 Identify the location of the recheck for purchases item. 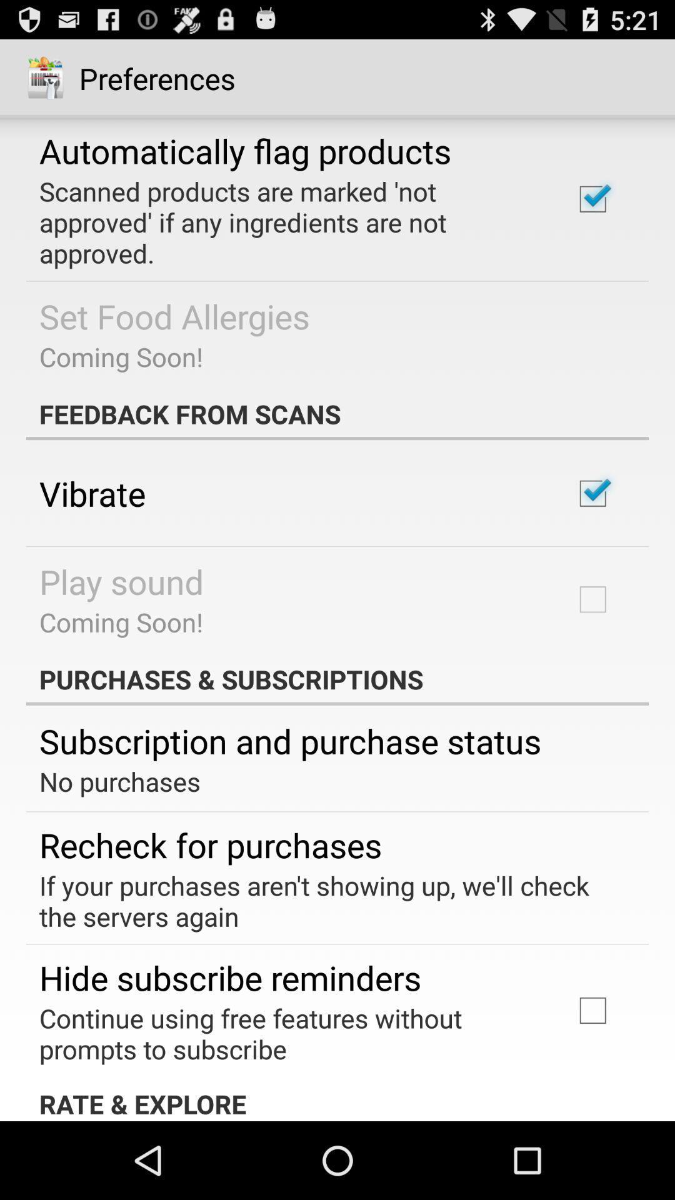
(210, 844).